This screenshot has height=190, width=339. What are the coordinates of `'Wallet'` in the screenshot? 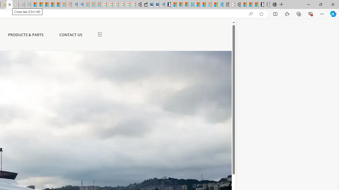 It's located at (144, 4).